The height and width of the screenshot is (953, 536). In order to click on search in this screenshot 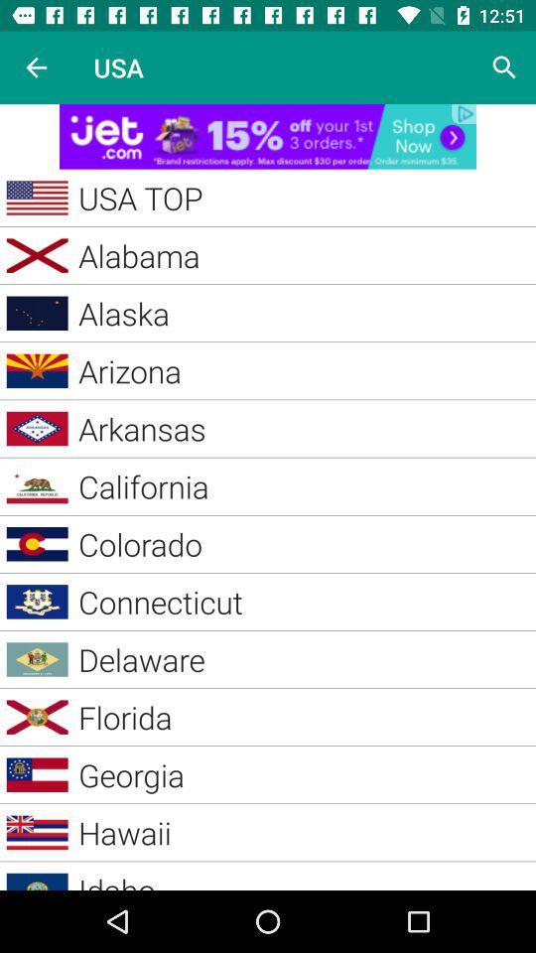, I will do `click(504, 68)`.